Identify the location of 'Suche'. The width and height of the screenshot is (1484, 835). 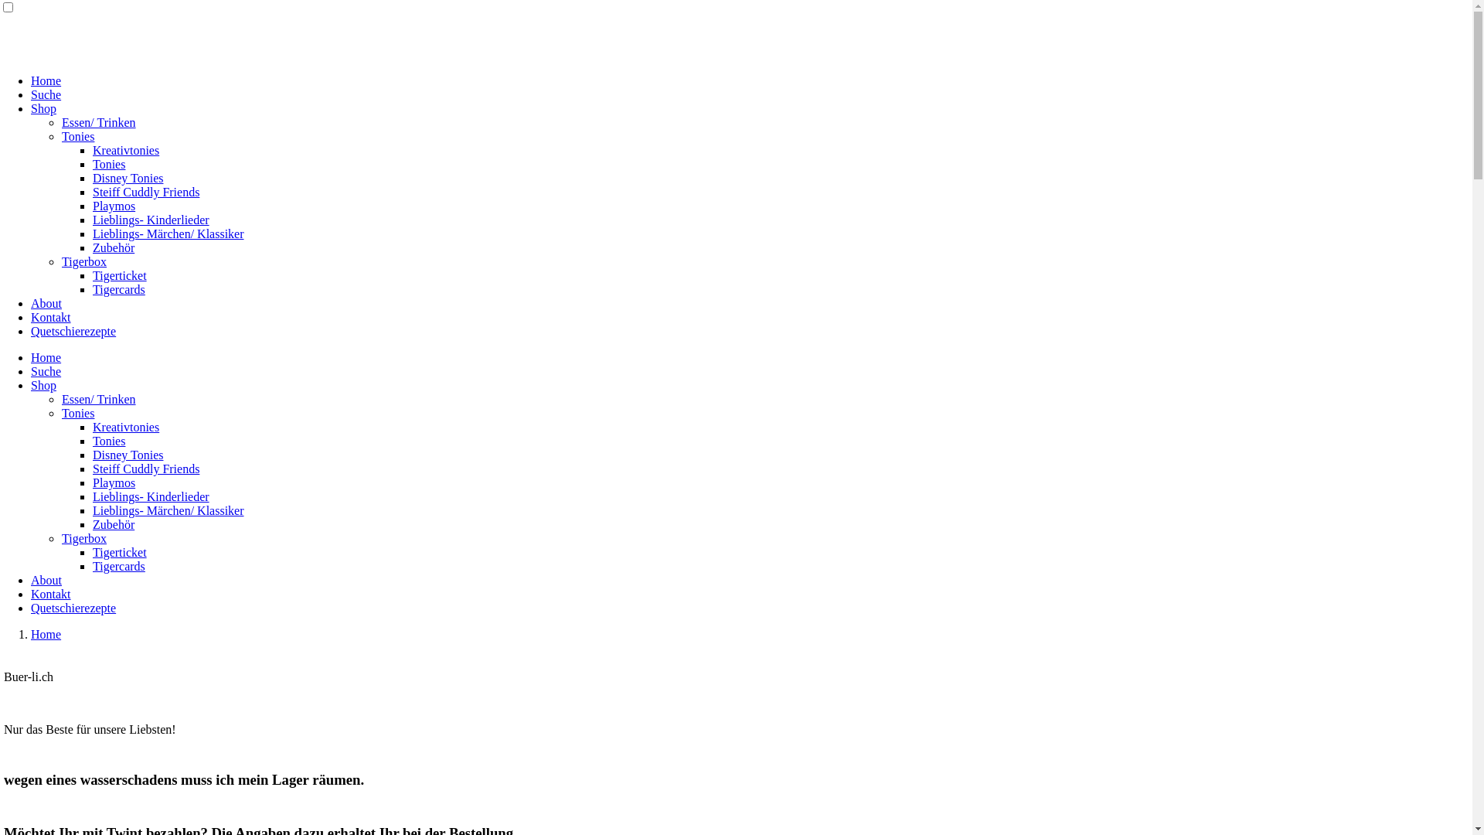
(46, 94).